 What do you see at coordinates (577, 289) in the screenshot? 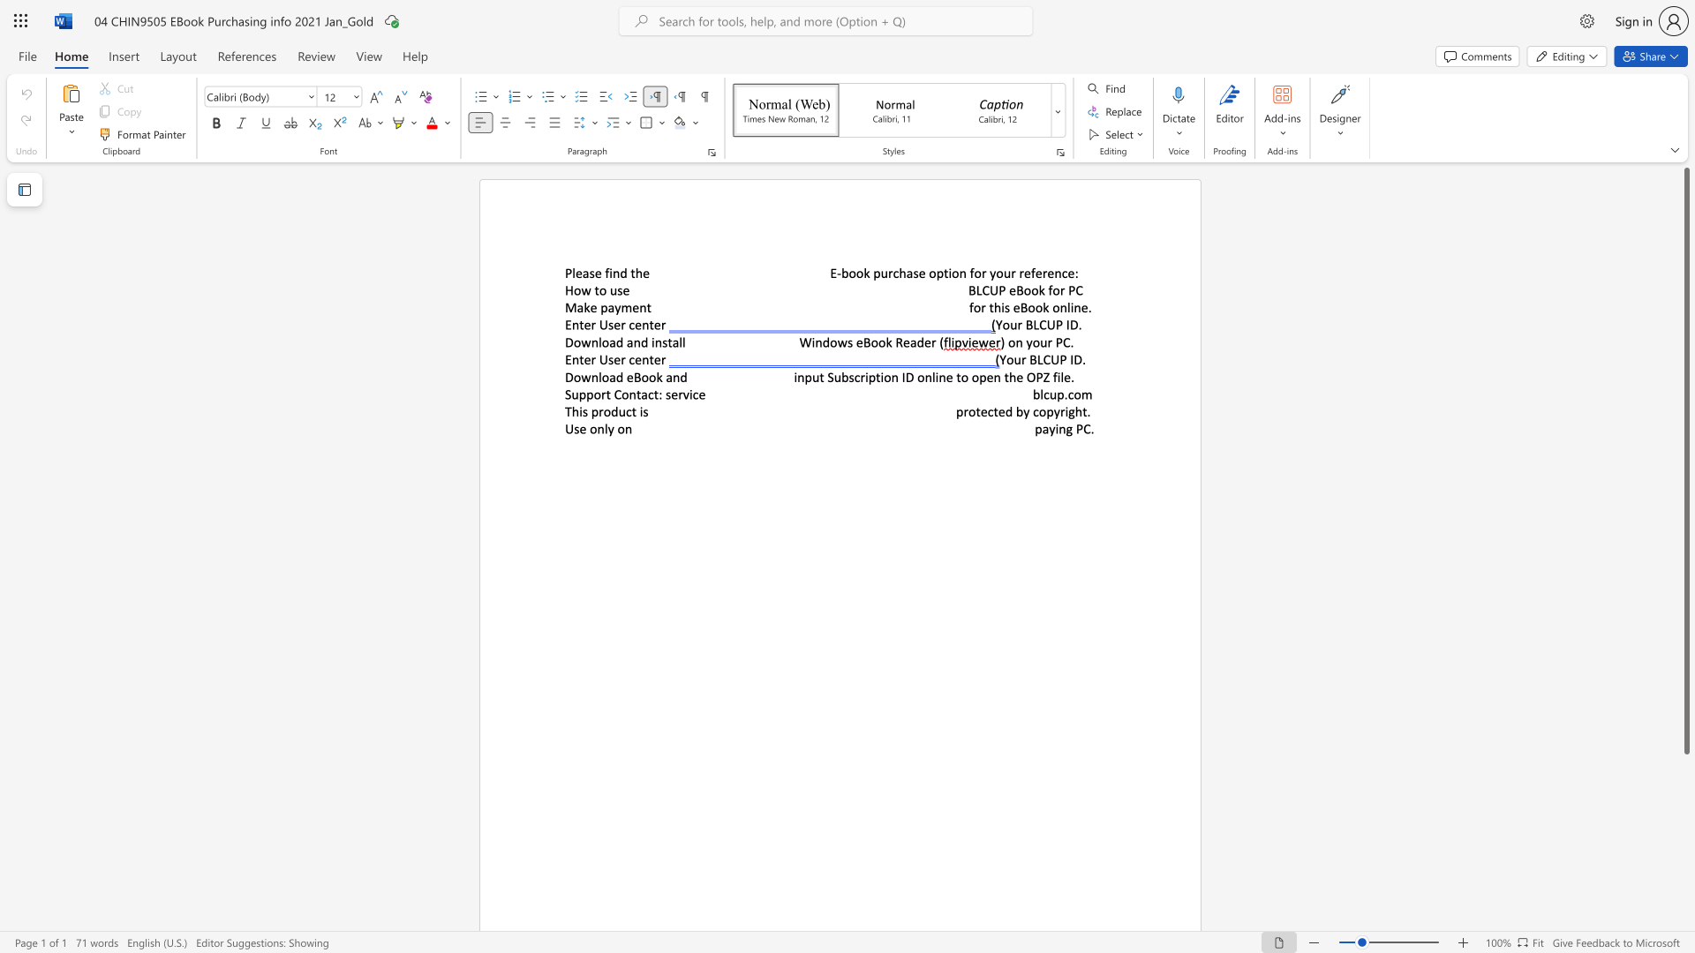
I see `the 1th character "o" in the text` at bounding box center [577, 289].